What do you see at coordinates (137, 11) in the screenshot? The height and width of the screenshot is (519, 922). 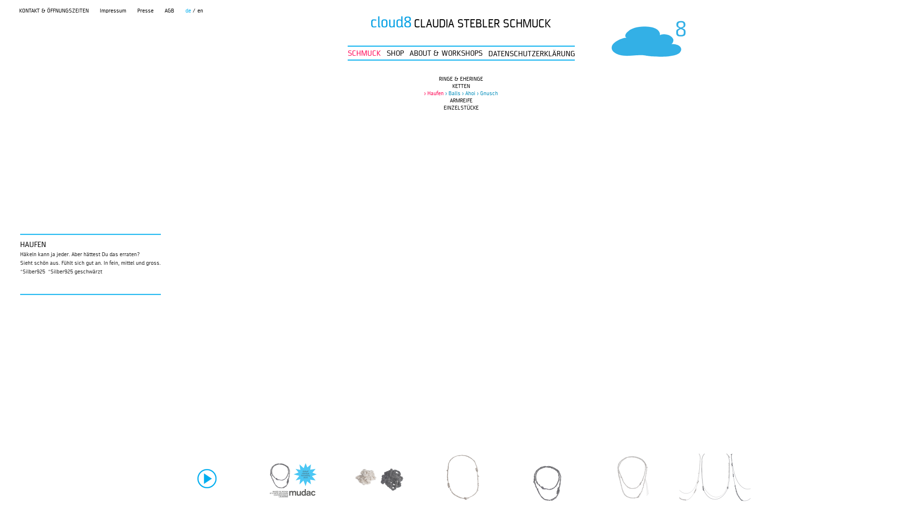 I see `'Presse'` at bounding box center [137, 11].